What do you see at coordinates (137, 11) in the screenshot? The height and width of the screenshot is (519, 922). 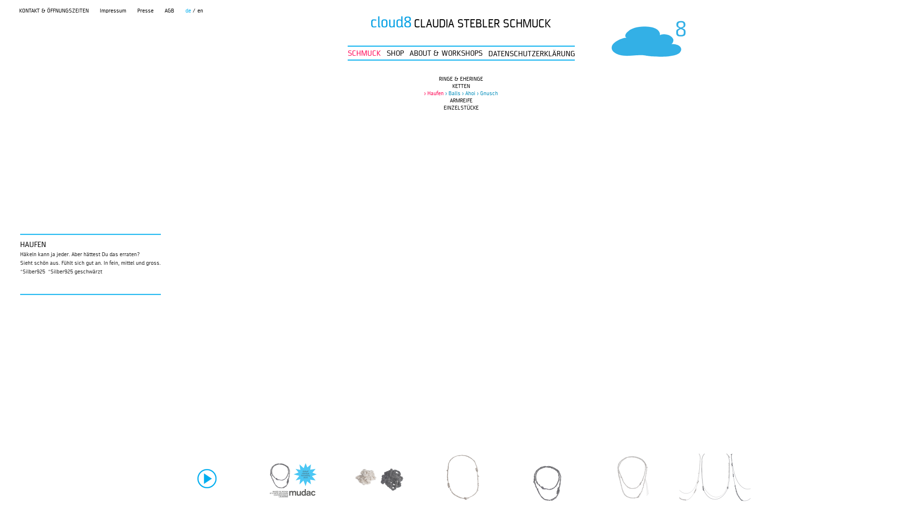 I see `'Presse'` at bounding box center [137, 11].